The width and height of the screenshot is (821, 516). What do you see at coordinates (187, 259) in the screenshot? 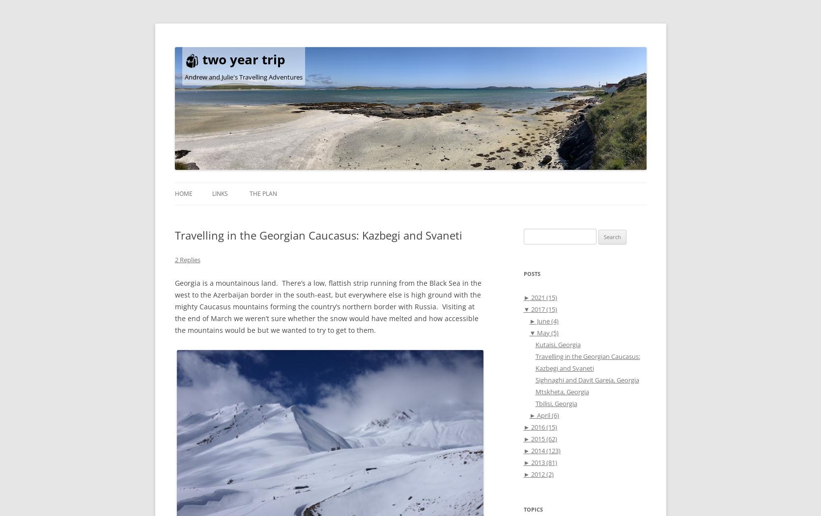
I see `'2 Replies'` at bounding box center [187, 259].